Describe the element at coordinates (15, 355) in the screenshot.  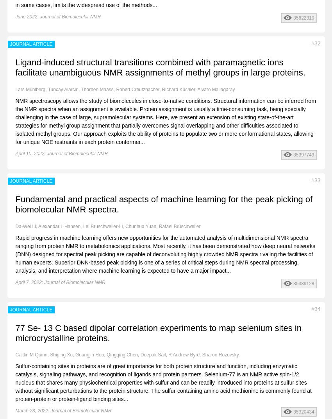
I see `'Caitlin M Quinn, Shiping Xu, Guangjin Hou, Qingqing Chen, Deepak Sail, R Andrew Byrd, Sharon Rozovsky'` at that location.